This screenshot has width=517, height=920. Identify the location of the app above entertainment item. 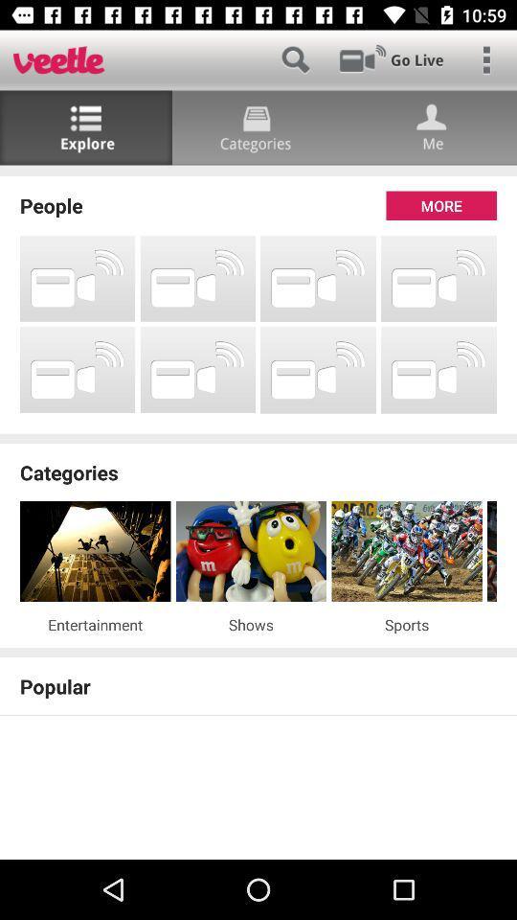
(94, 551).